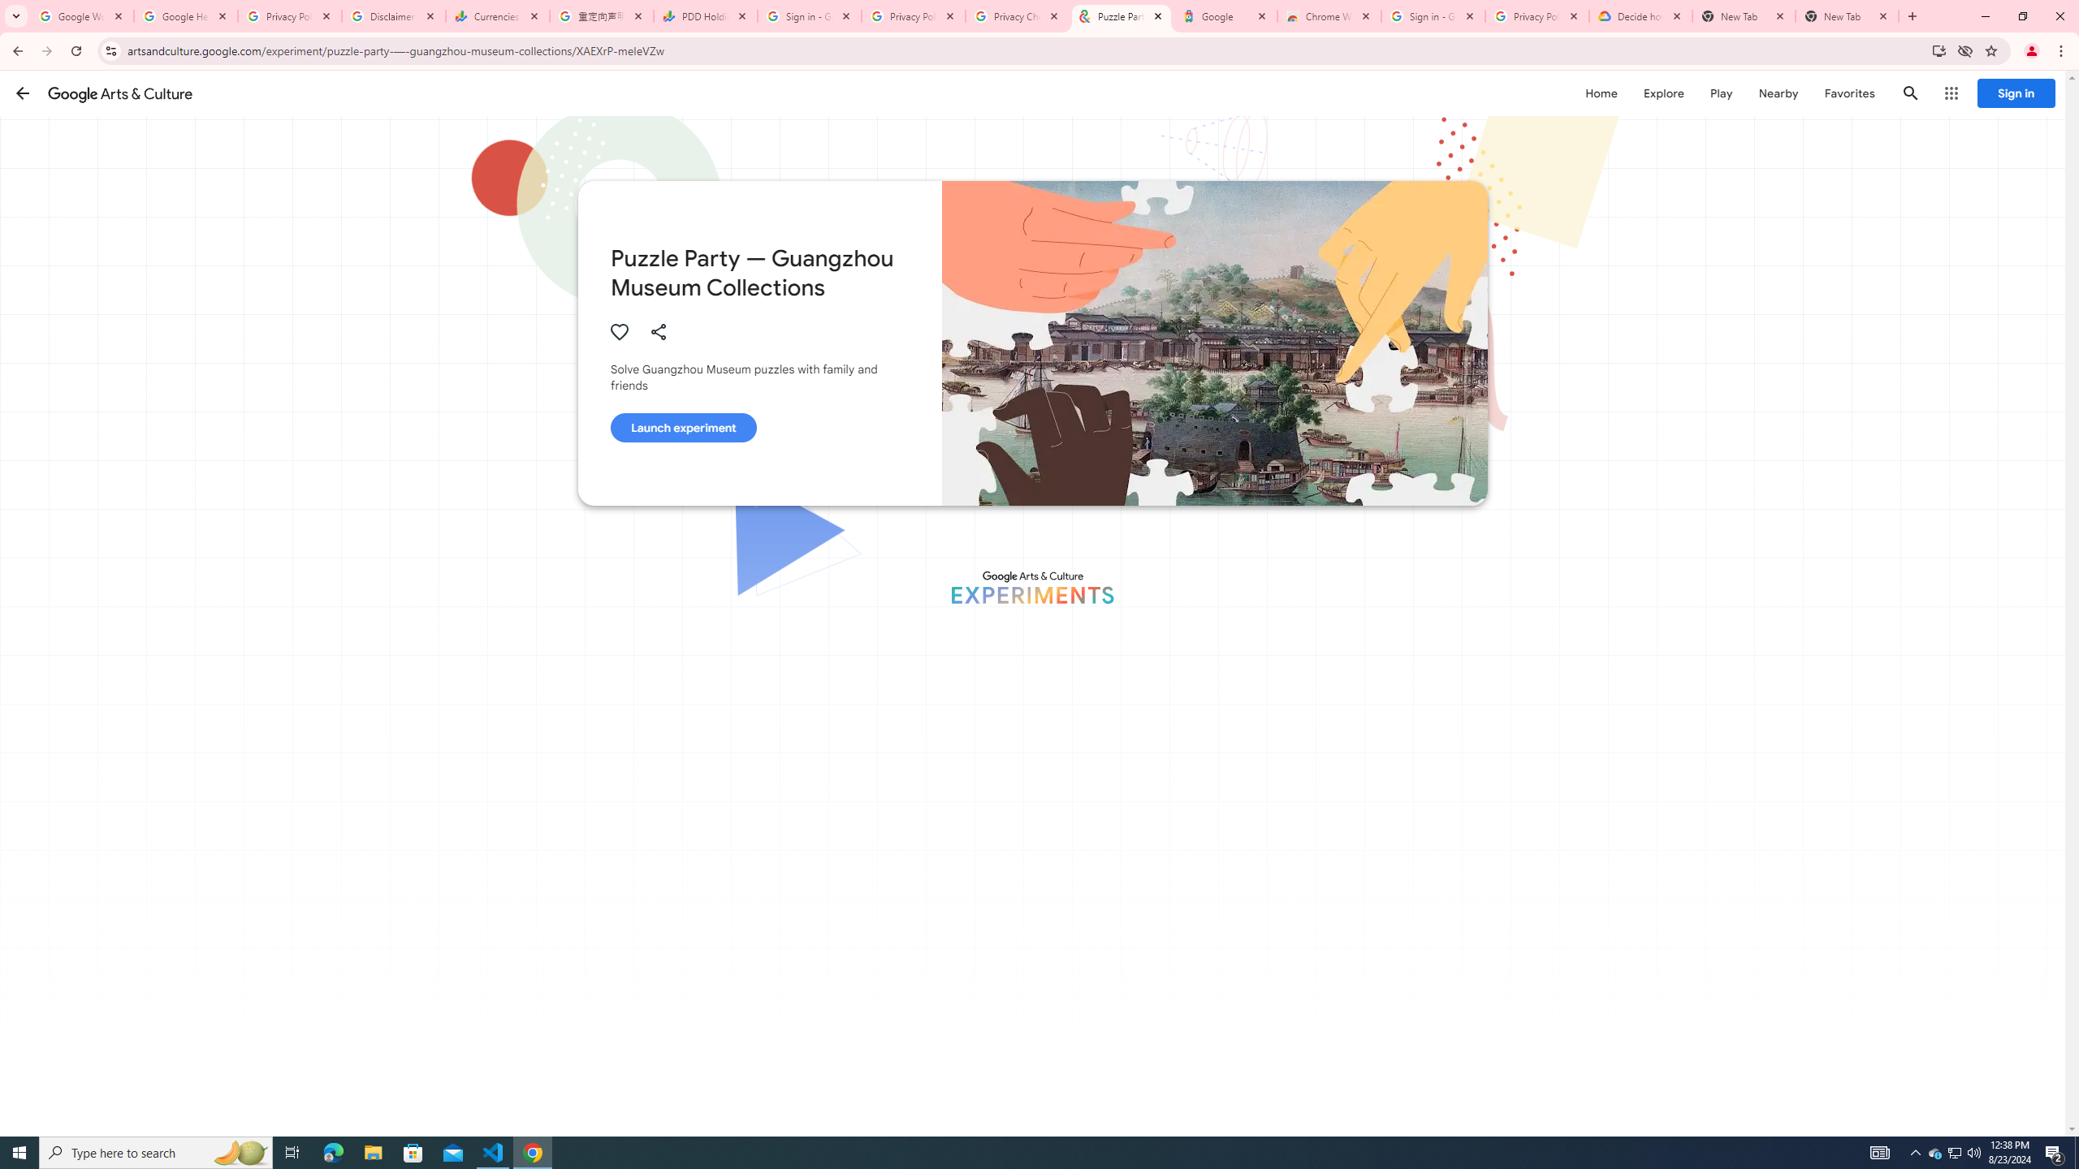 This screenshot has height=1169, width=2079. I want to click on 'Chrome Web Store - Color themes by Chrome', so click(1329, 15).